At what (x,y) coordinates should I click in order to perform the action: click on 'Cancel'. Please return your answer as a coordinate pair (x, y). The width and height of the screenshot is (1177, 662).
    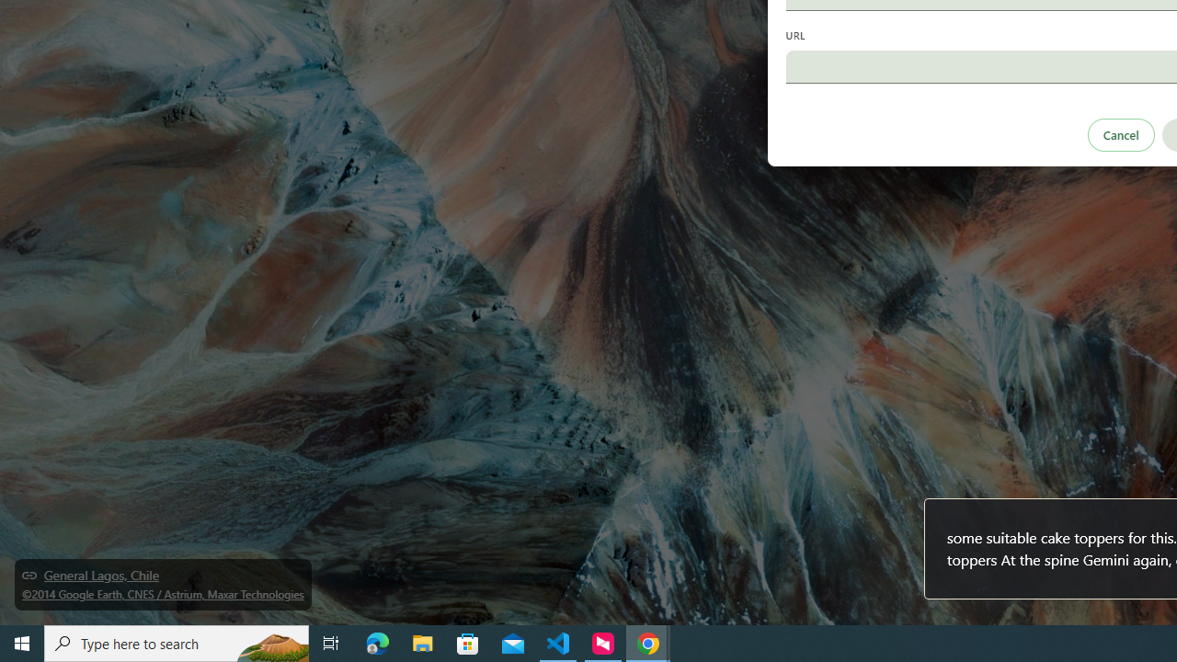
    Looking at the image, I should click on (1119, 133).